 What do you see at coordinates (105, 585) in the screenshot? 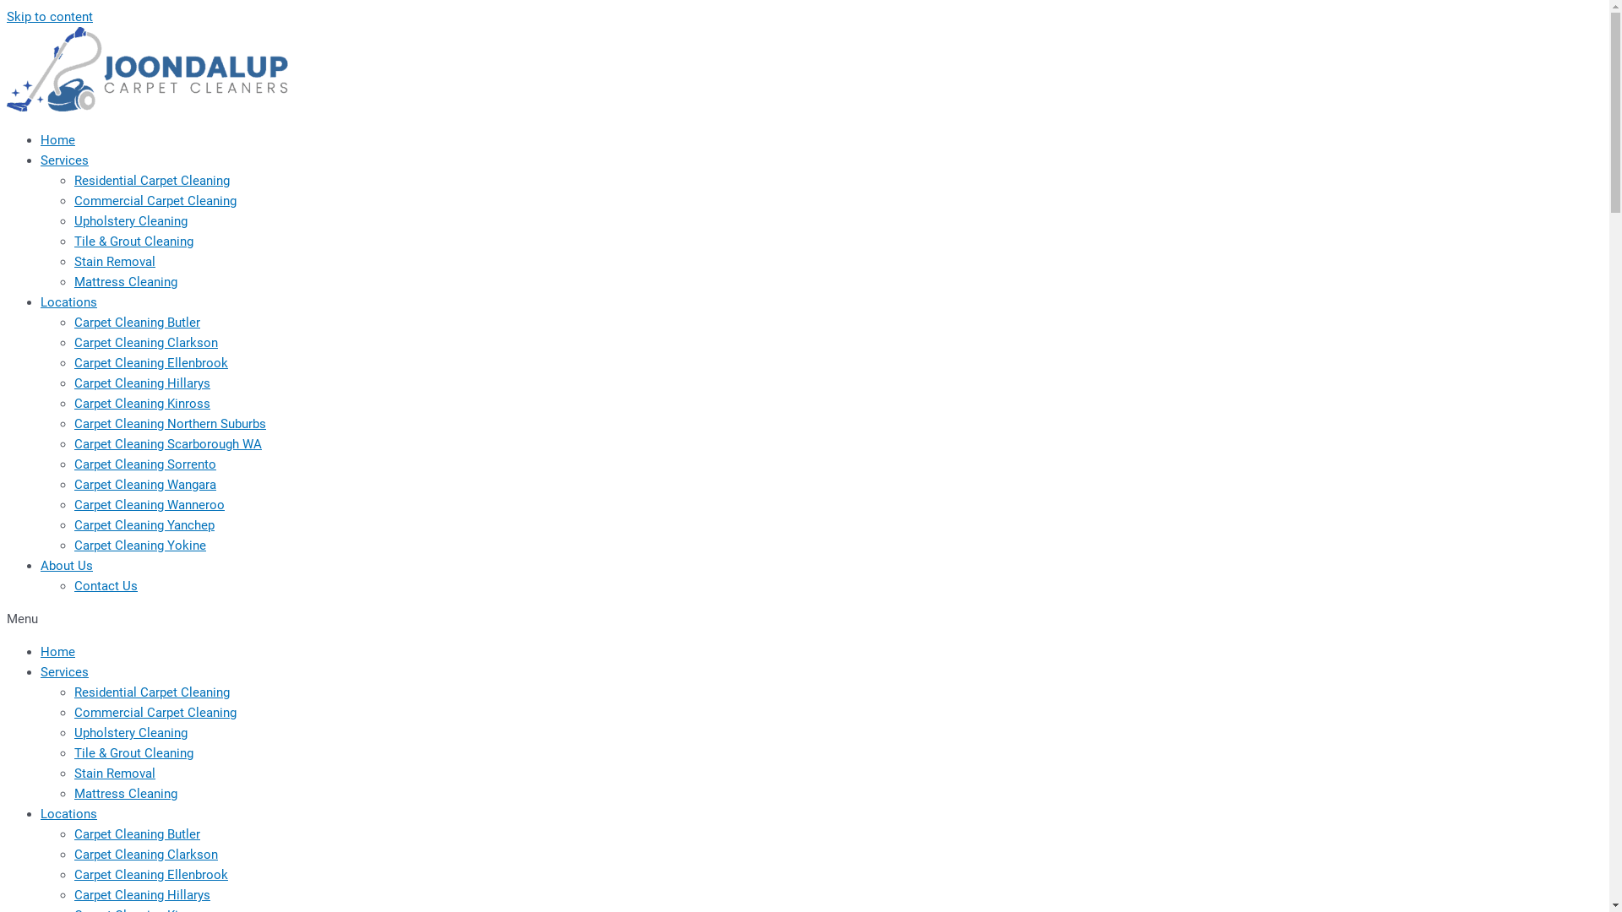
I see `'Contact Us'` at bounding box center [105, 585].